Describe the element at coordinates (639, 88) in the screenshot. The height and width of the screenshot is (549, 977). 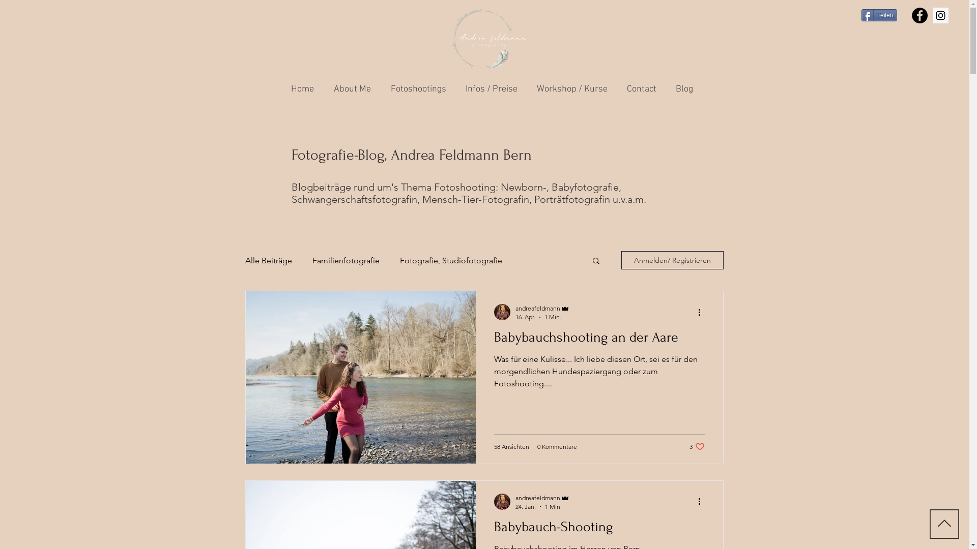
I see `'Contact'` at that location.